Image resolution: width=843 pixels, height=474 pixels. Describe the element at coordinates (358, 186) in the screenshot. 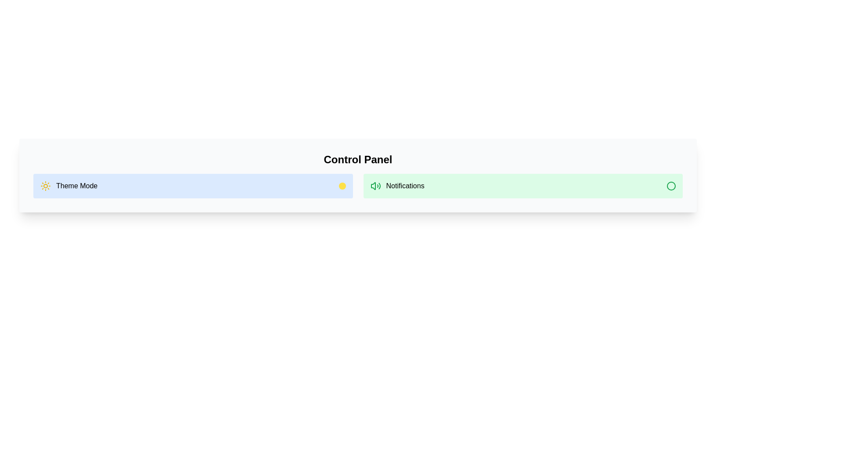

I see `the 'Theme Mode' and 'Notifications' segments of the Grid Layout in the Control Panel section` at that location.